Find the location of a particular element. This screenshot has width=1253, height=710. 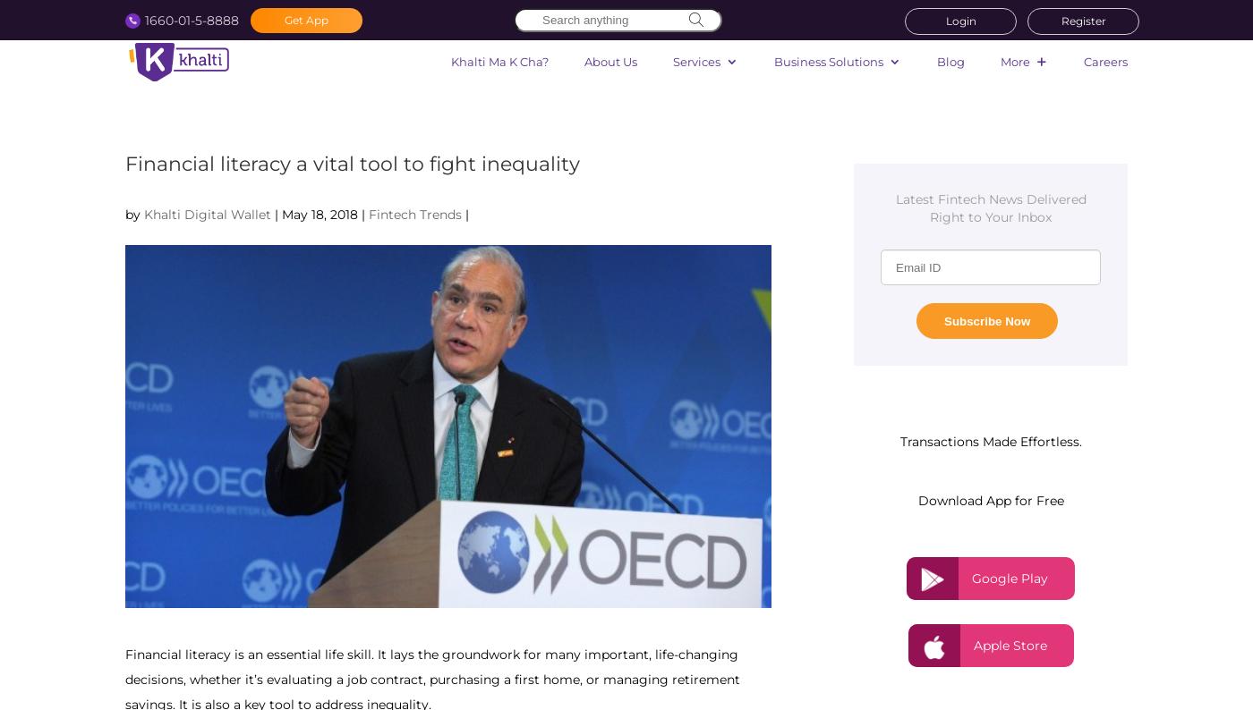

'Google Play' is located at coordinates (971, 576).